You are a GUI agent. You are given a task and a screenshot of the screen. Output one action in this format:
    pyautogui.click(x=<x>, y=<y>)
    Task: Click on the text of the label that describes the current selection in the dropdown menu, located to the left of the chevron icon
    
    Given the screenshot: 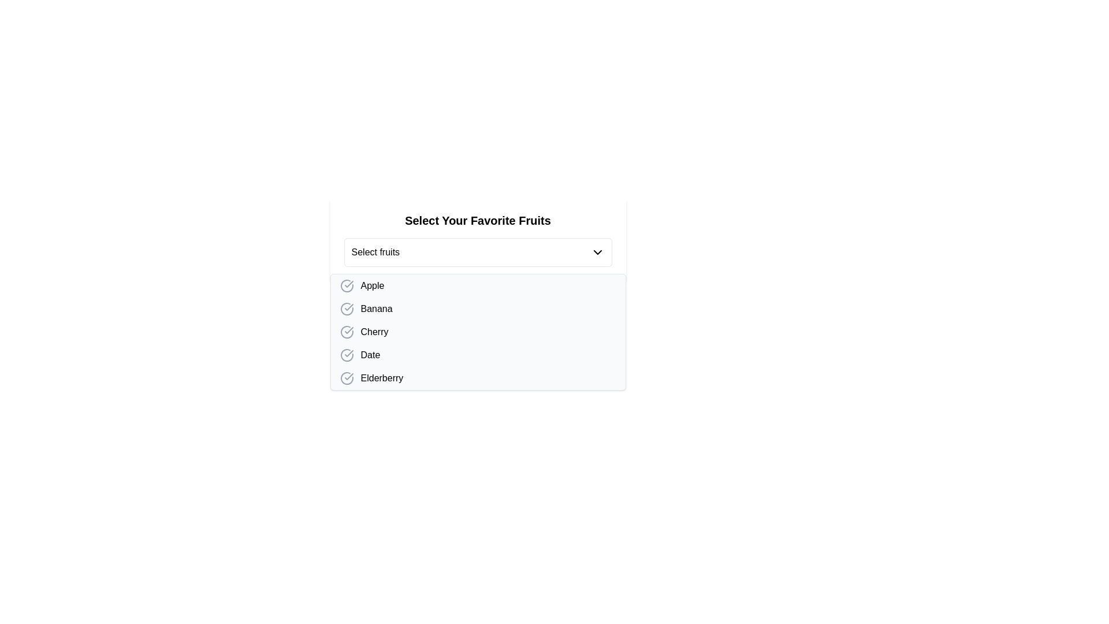 What is the action you would take?
    pyautogui.click(x=375, y=251)
    